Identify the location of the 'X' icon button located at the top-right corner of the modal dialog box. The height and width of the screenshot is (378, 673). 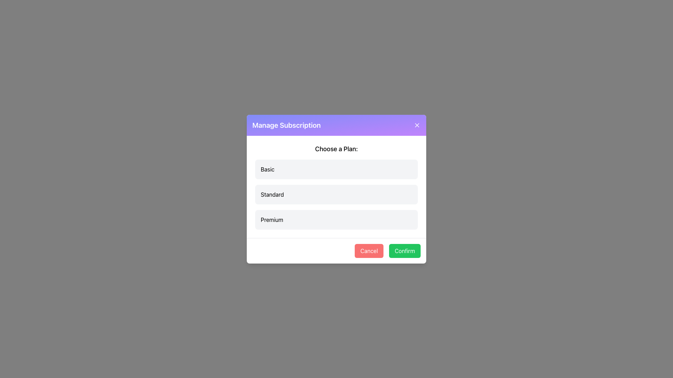
(417, 125).